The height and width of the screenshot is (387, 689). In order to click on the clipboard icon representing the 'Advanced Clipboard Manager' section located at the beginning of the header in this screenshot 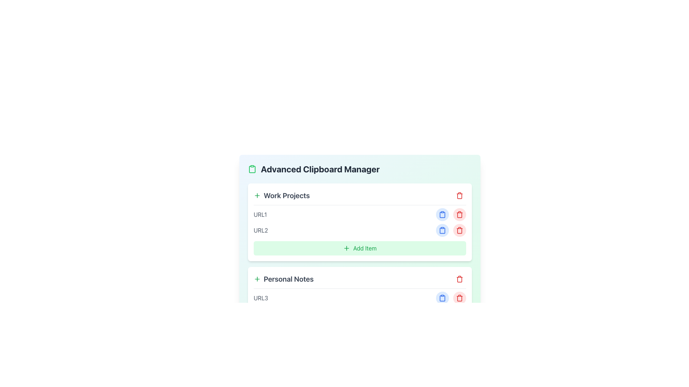, I will do `click(252, 169)`.